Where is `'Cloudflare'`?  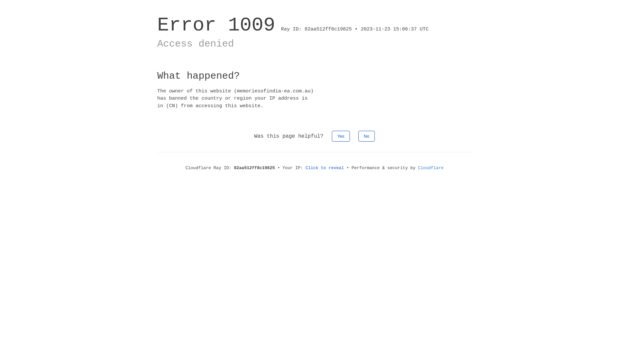
'Cloudflare' is located at coordinates (418, 167).